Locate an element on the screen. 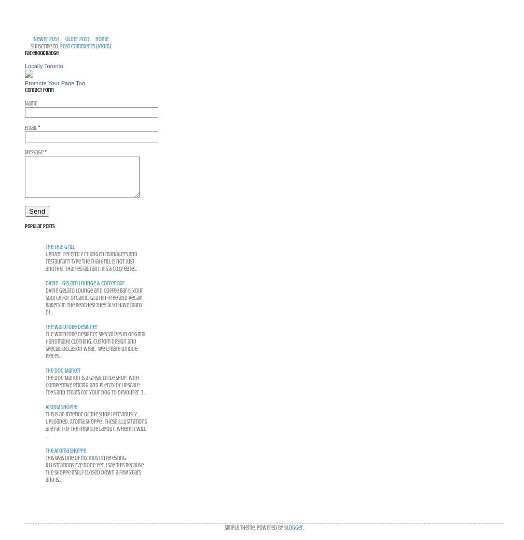 The width and height of the screenshot is (524, 540). 'Blogger' is located at coordinates (292, 526).